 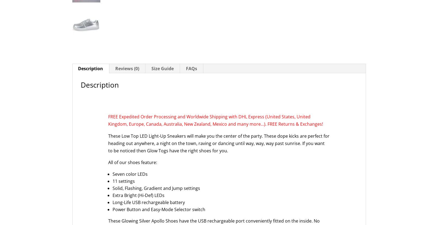 I want to click on 'Extra Bright (Hi-Def) LEDs', so click(x=138, y=195).